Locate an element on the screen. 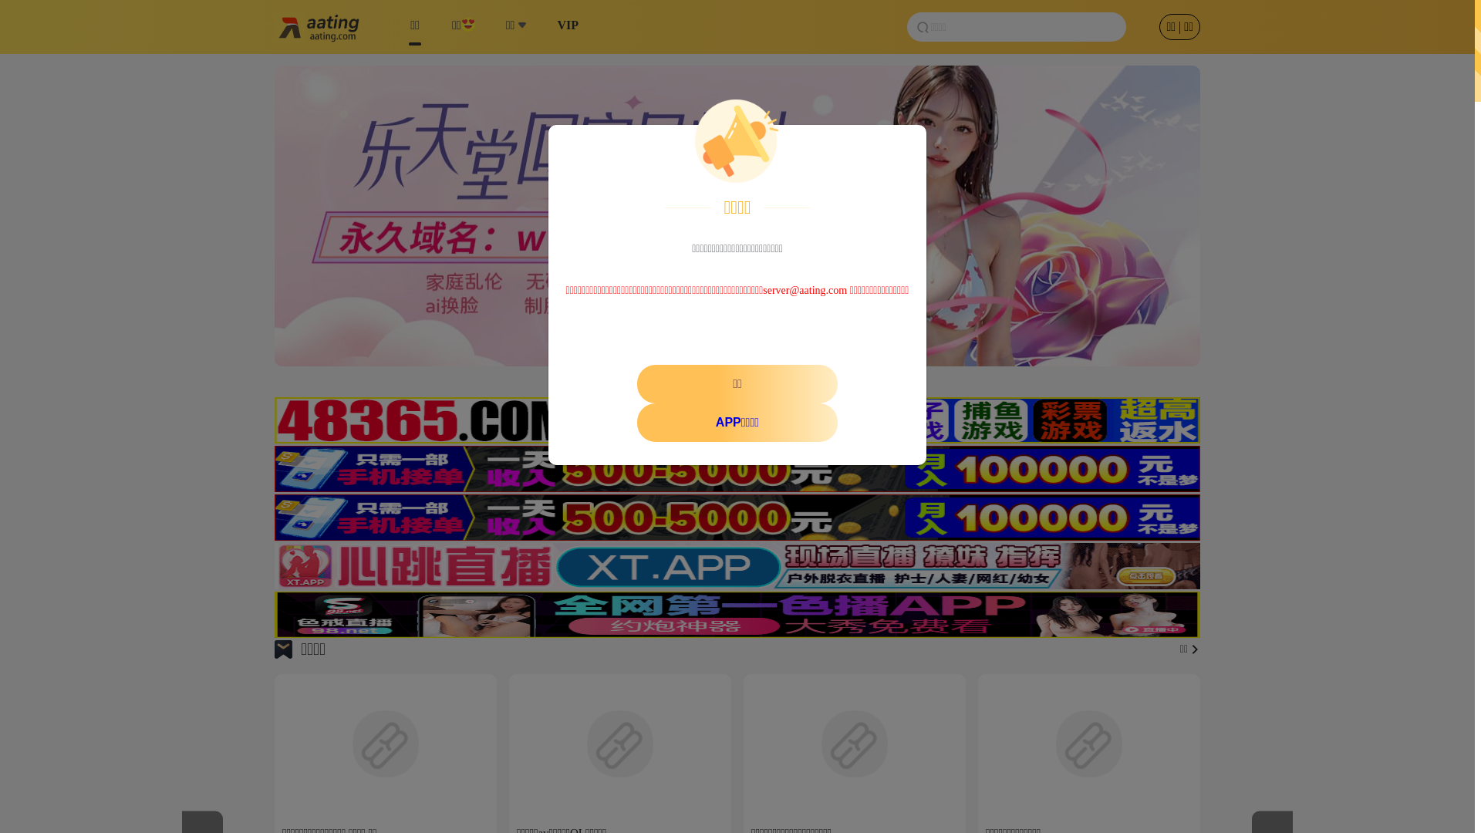  'VIP' is located at coordinates (566, 26).